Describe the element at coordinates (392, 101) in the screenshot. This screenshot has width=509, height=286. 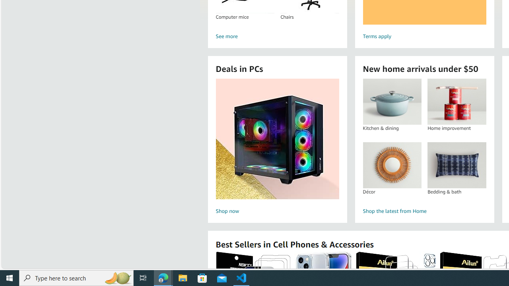
I see `'Kitchen & dining'` at that location.